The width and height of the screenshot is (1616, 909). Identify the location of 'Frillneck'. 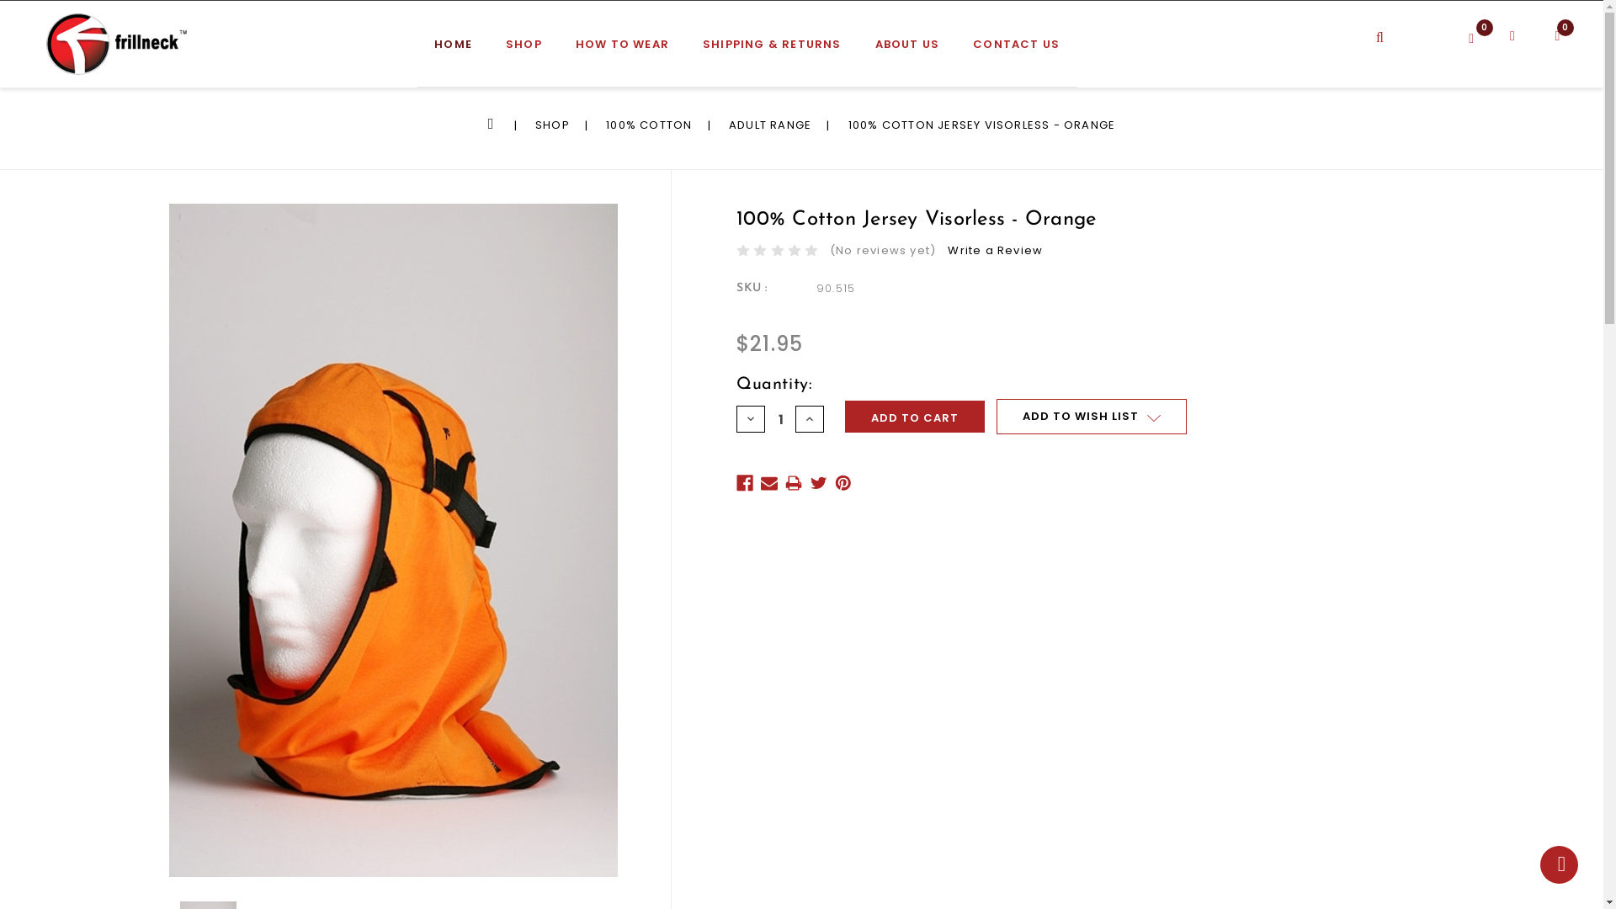
(45, 43).